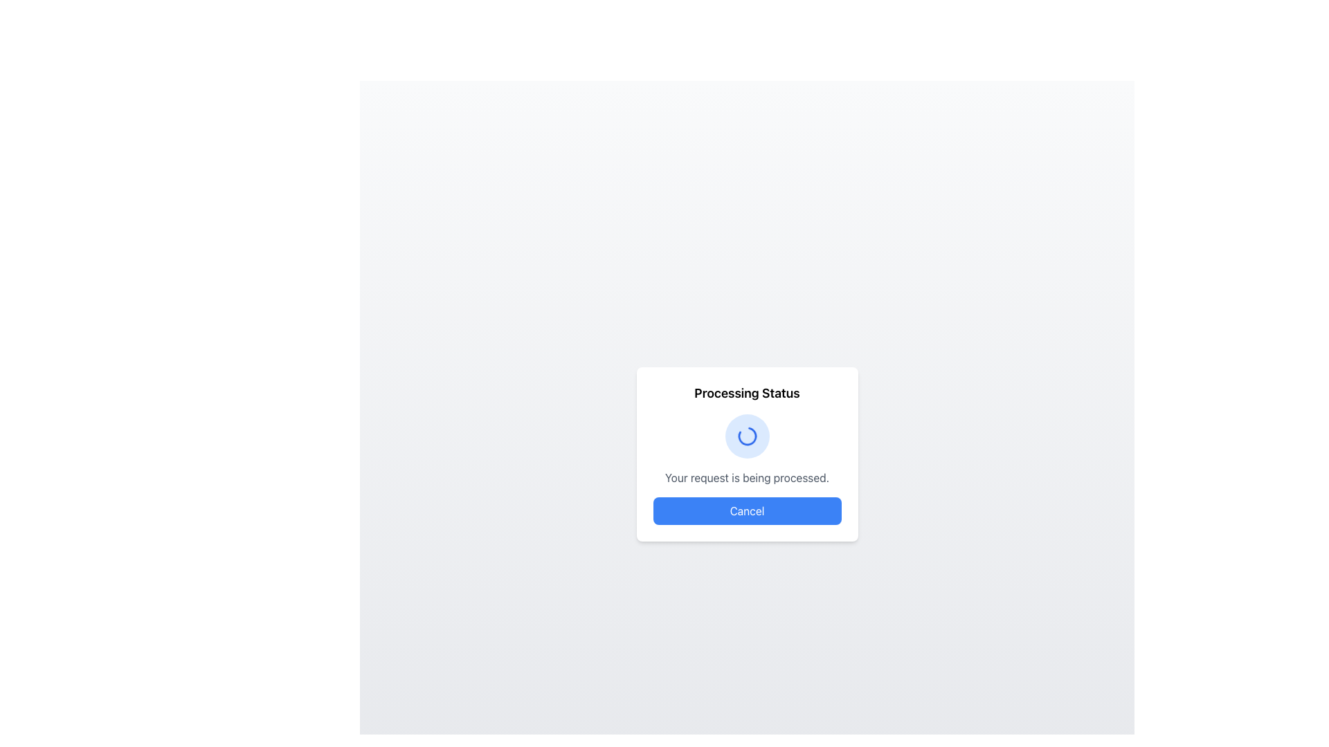 This screenshot has width=1329, height=747. What do you see at coordinates (746, 477) in the screenshot?
I see `the text label that provides feedback on the processing status, located below the title 'Processing Status' and above the 'Cancel' button in the centered card interface` at bounding box center [746, 477].